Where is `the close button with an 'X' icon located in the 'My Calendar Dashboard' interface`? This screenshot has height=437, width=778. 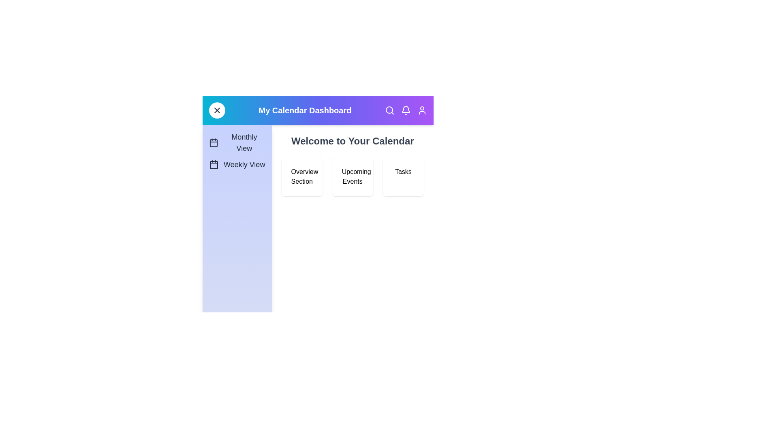
the close button with an 'X' icon located in the 'My Calendar Dashboard' interface is located at coordinates (217, 110).